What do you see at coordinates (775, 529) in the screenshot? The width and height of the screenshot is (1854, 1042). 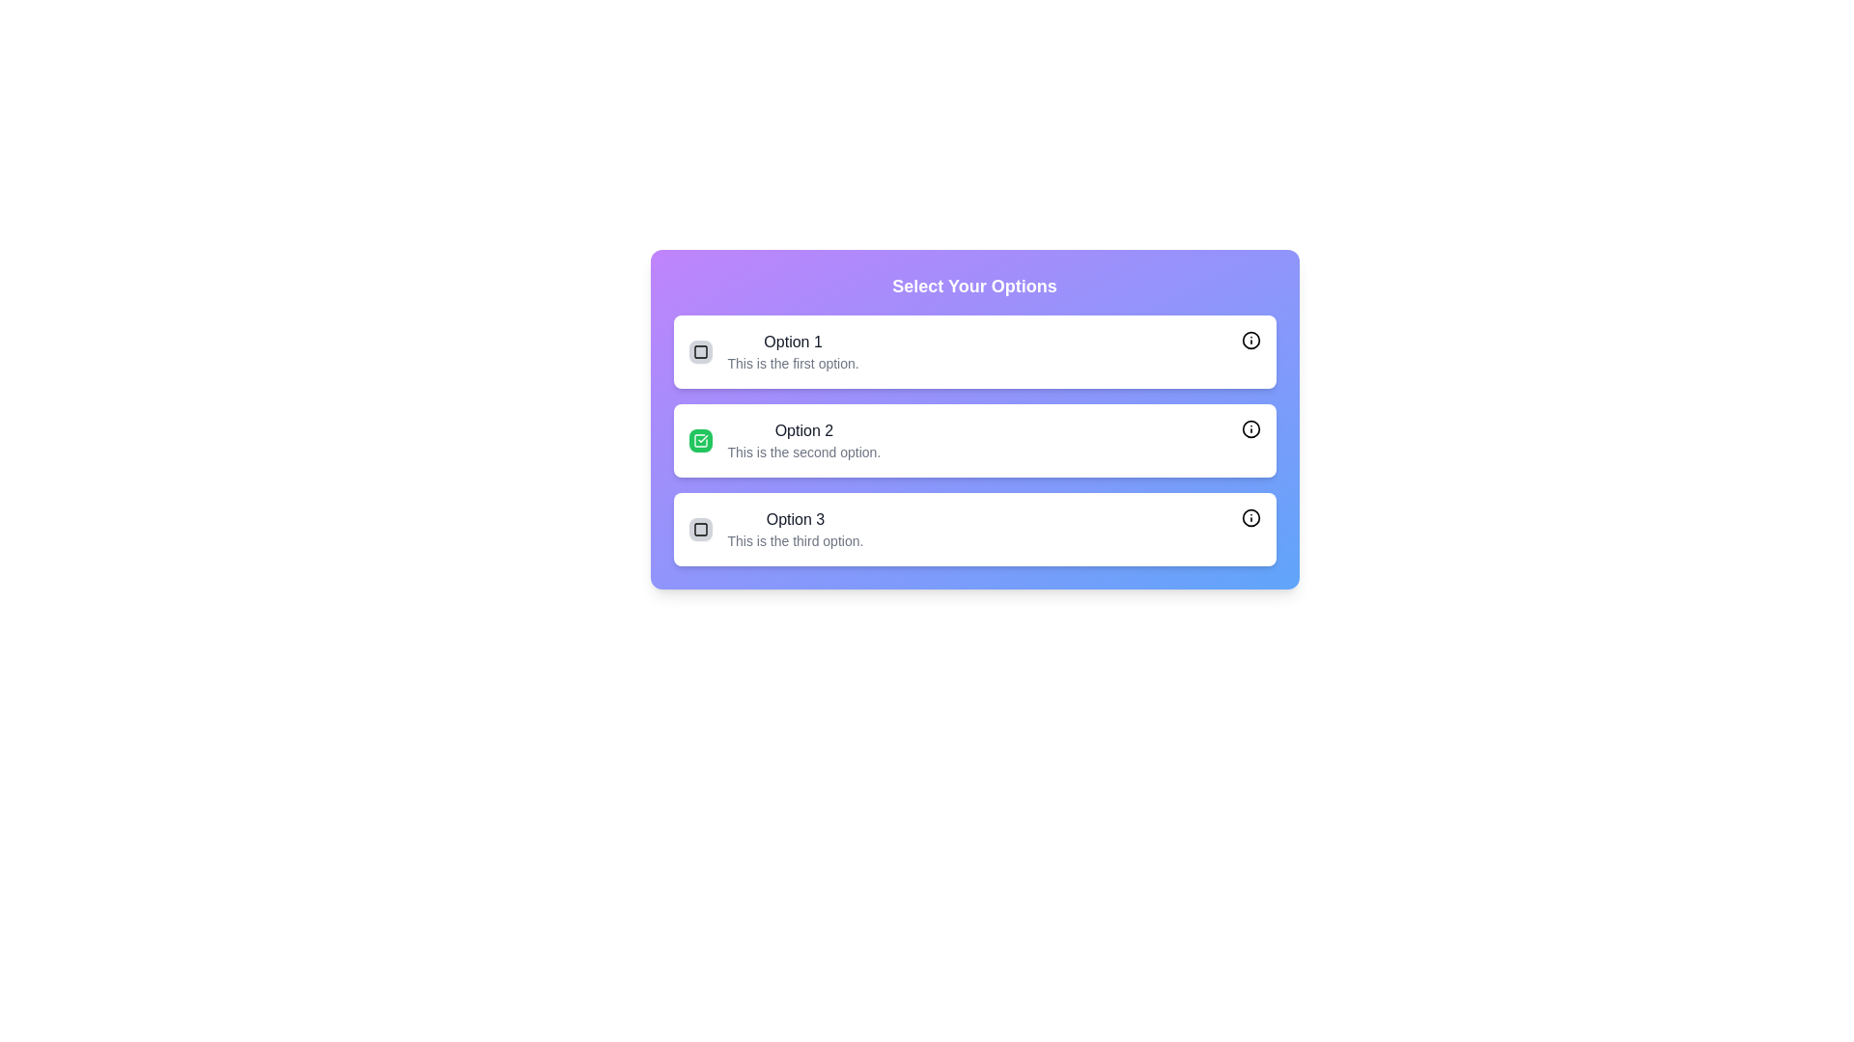 I see `the text label of the third selectable option with a checkbox to focus on the option details` at bounding box center [775, 529].